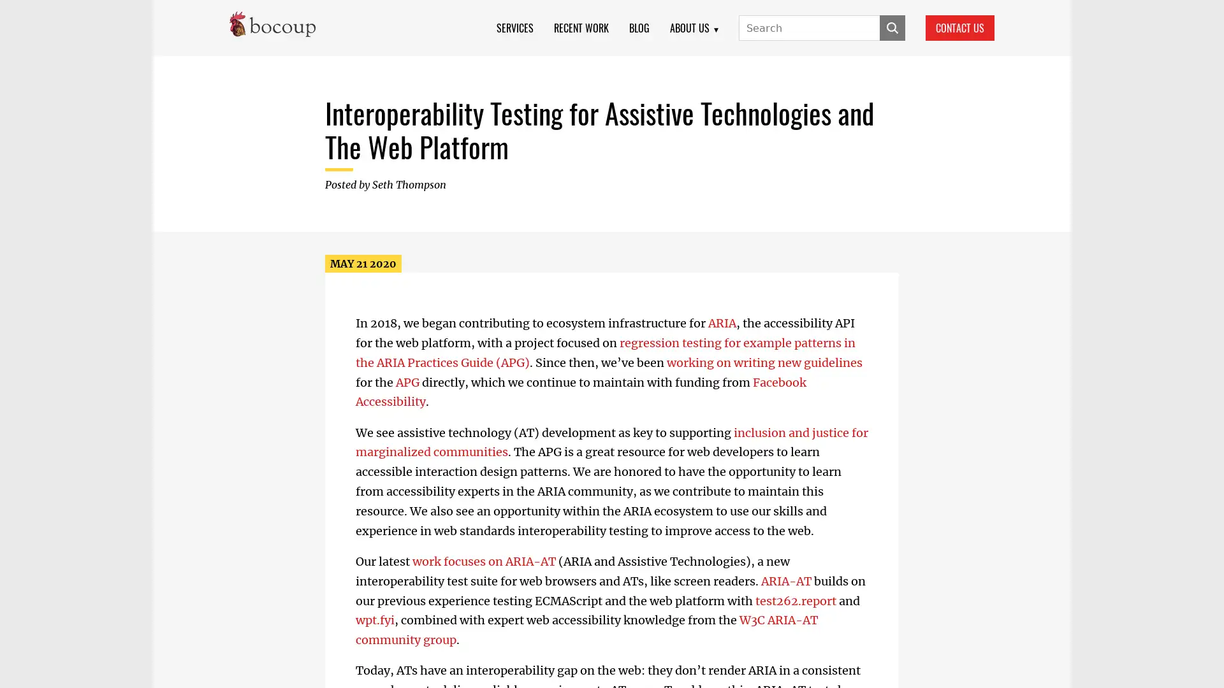 The image size is (1224, 688). What do you see at coordinates (892, 27) in the screenshot?
I see `SUBMIT` at bounding box center [892, 27].